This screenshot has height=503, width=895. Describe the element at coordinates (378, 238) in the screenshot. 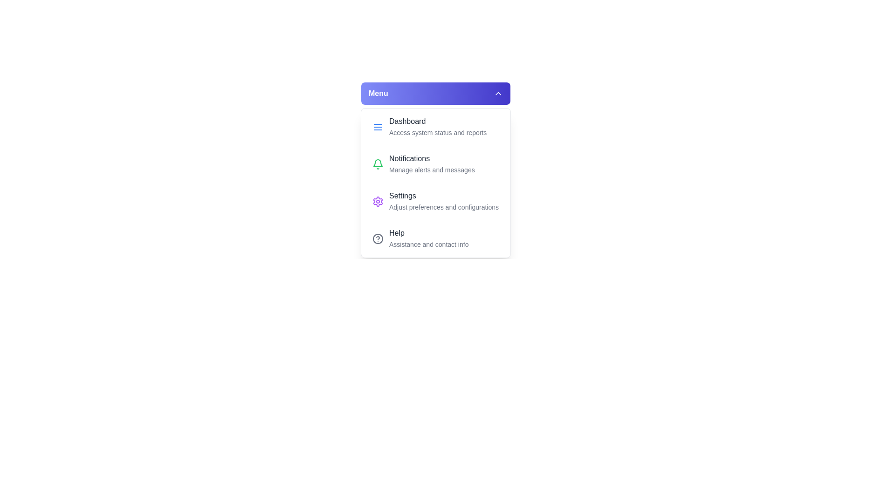

I see `the 'Help' icon located to the left of the 'Help' text label in the dropdown menu for further interaction` at that location.